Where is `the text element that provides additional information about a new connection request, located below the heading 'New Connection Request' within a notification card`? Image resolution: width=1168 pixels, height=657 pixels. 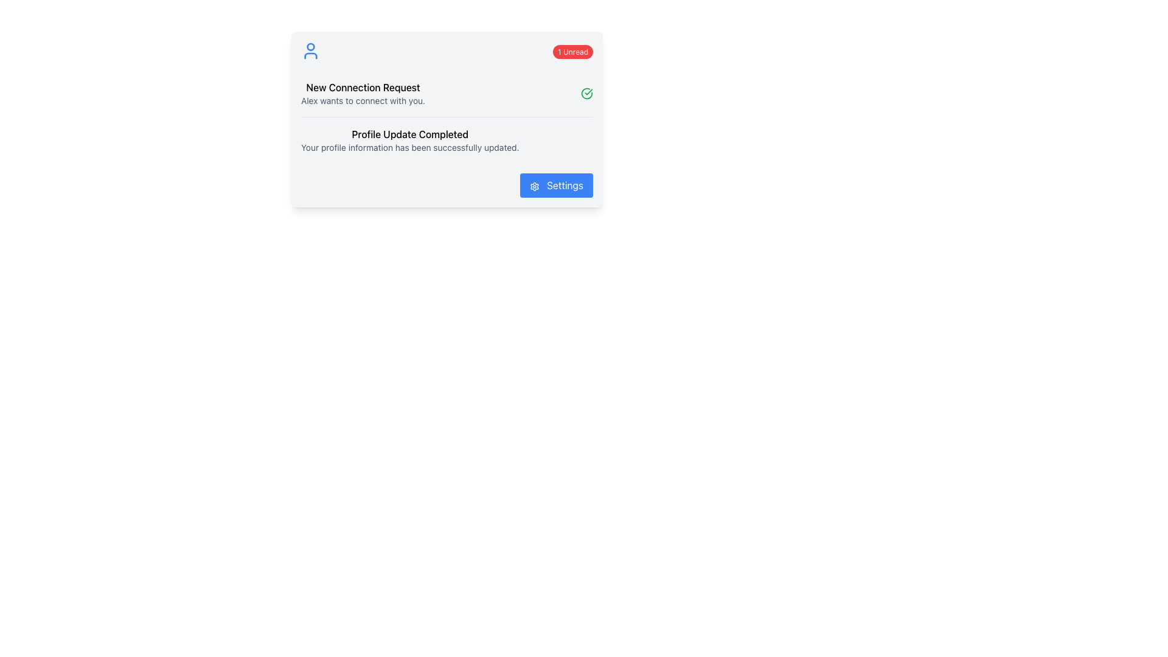 the text element that provides additional information about a new connection request, located below the heading 'New Connection Request' within a notification card is located at coordinates (363, 100).